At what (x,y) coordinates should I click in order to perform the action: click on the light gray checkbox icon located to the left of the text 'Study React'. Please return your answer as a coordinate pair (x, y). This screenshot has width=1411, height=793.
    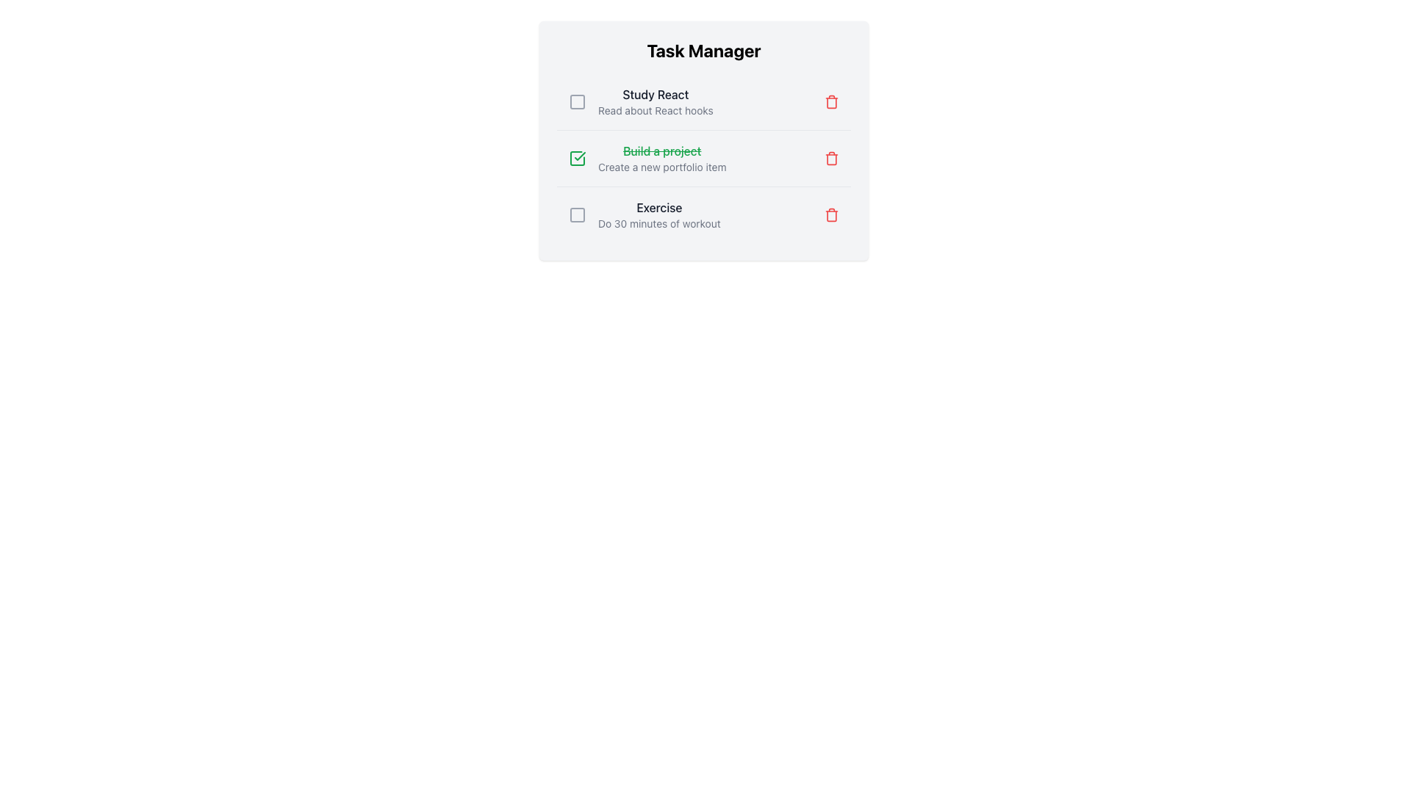
    Looking at the image, I should click on (577, 101).